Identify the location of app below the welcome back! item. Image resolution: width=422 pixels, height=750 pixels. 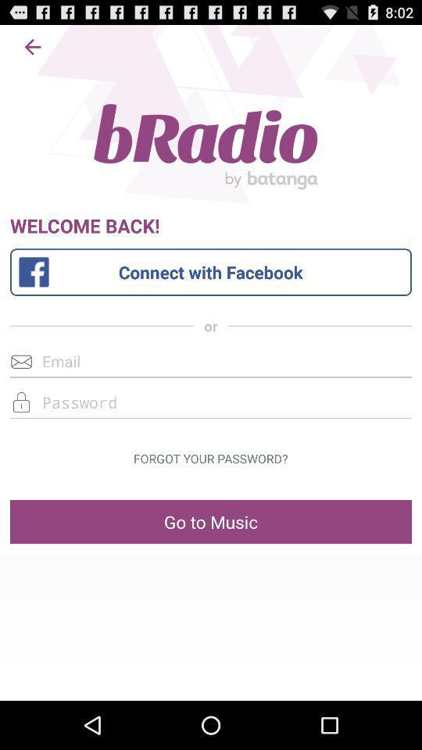
(210, 272).